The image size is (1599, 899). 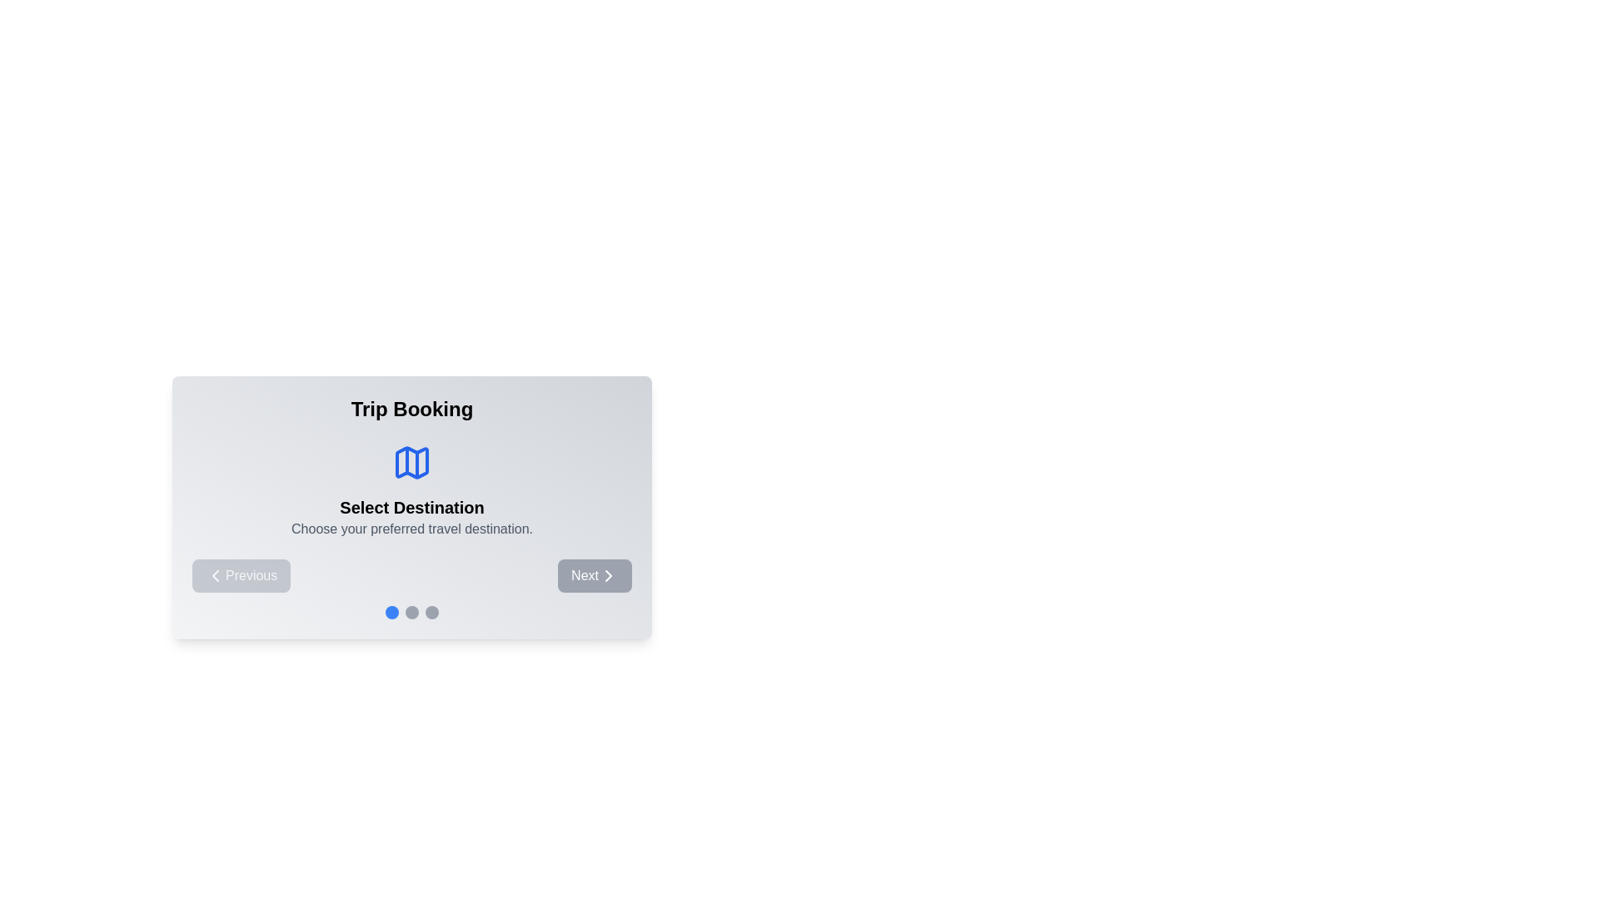 What do you see at coordinates (215, 574) in the screenshot?
I see `the indication of the backward navigation chevron icon located within the 'Previous' button at the bottom-left of the card interface` at bounding box center [215, 574].